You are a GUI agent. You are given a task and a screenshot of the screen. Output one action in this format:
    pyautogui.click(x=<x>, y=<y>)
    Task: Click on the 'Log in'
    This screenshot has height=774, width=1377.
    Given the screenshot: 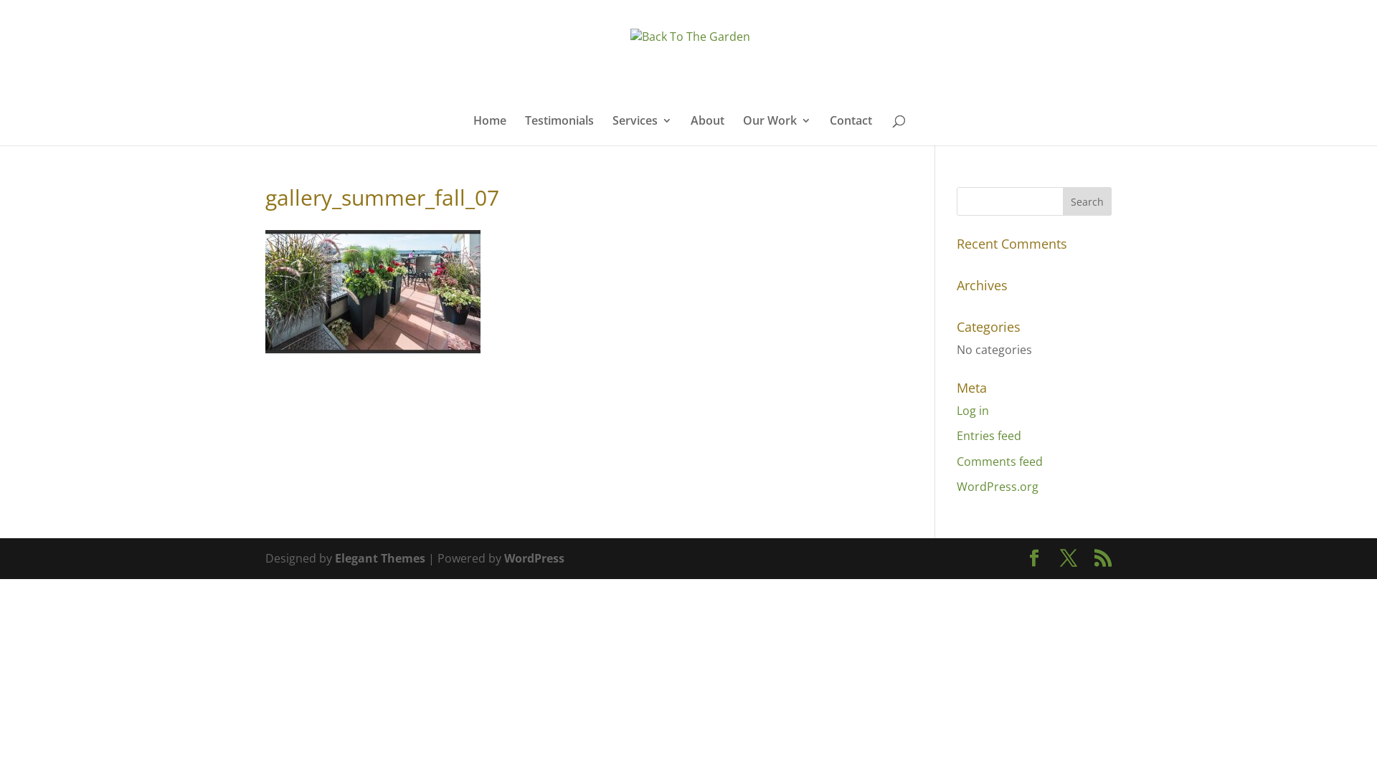 What is the action you would take?
    pyautogui.click(x=973, y=411)
    